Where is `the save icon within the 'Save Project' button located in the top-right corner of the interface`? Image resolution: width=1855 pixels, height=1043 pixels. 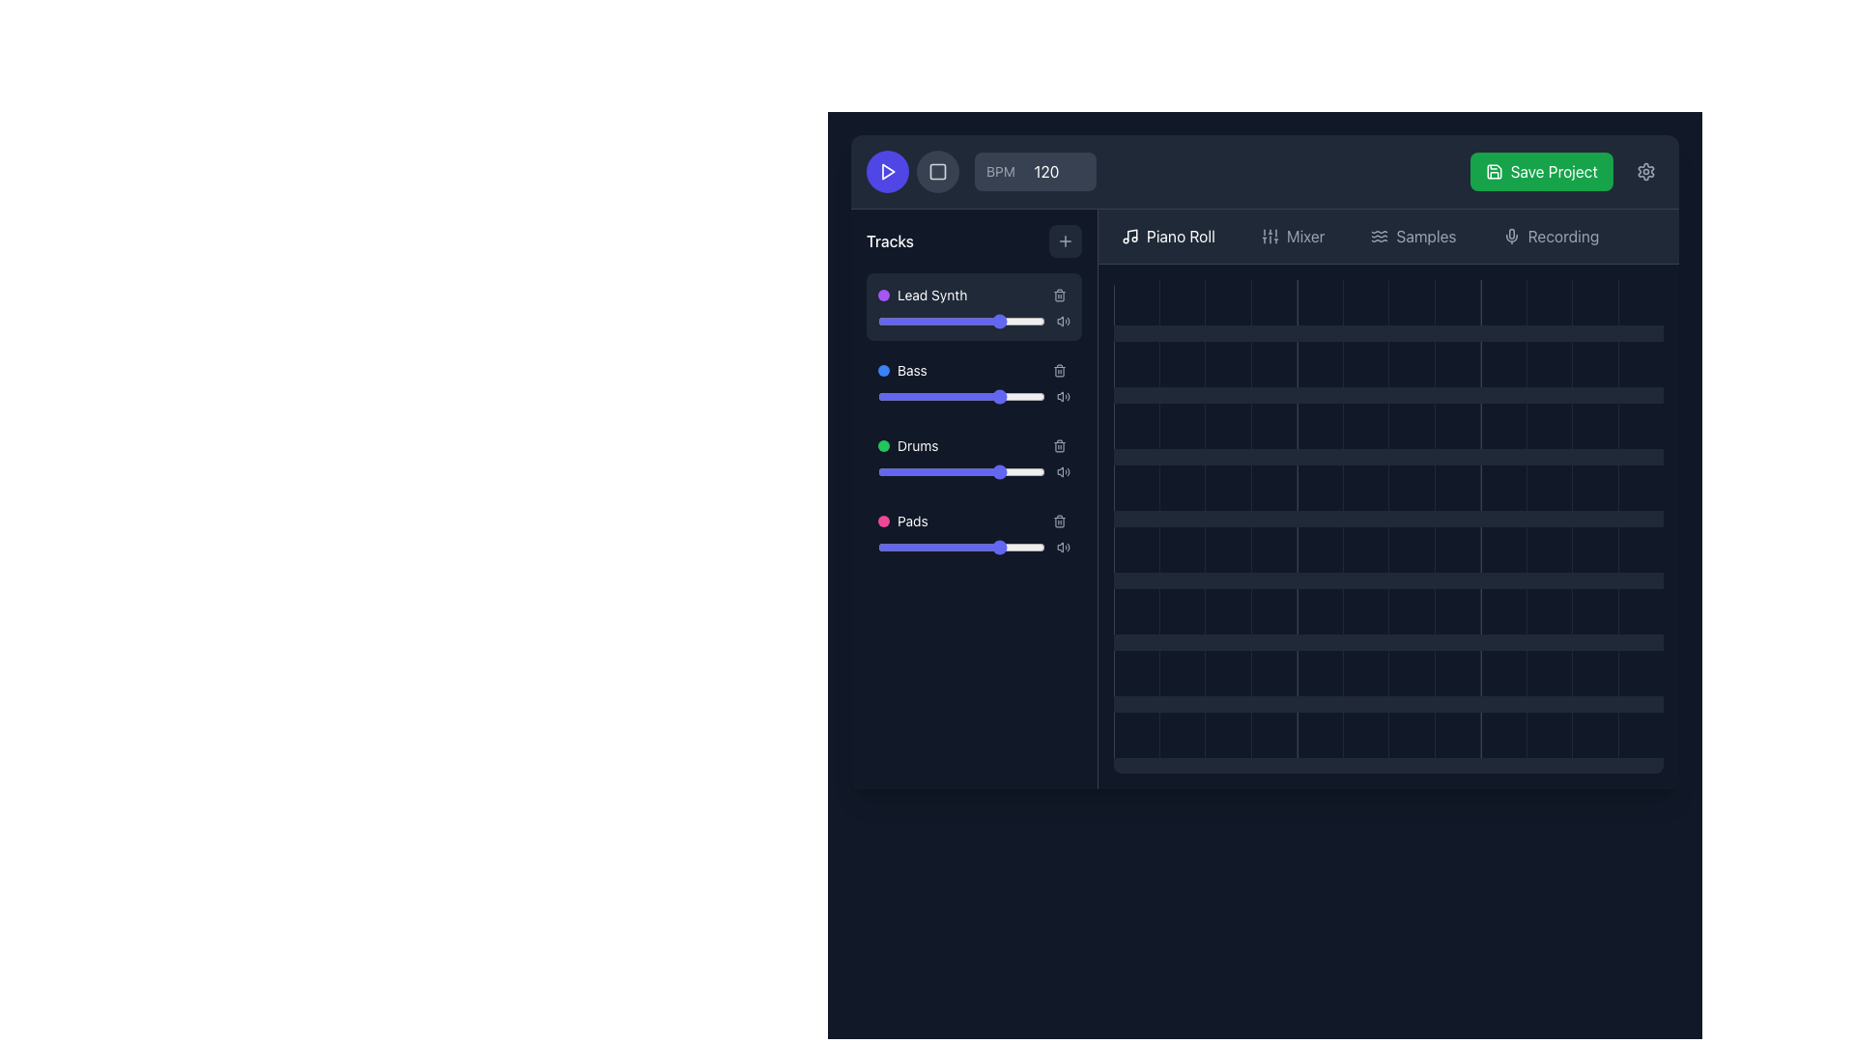 the save icon within the 'Save Project' button located in the top-right corner of the interface is located at coordinates (1493, 170).